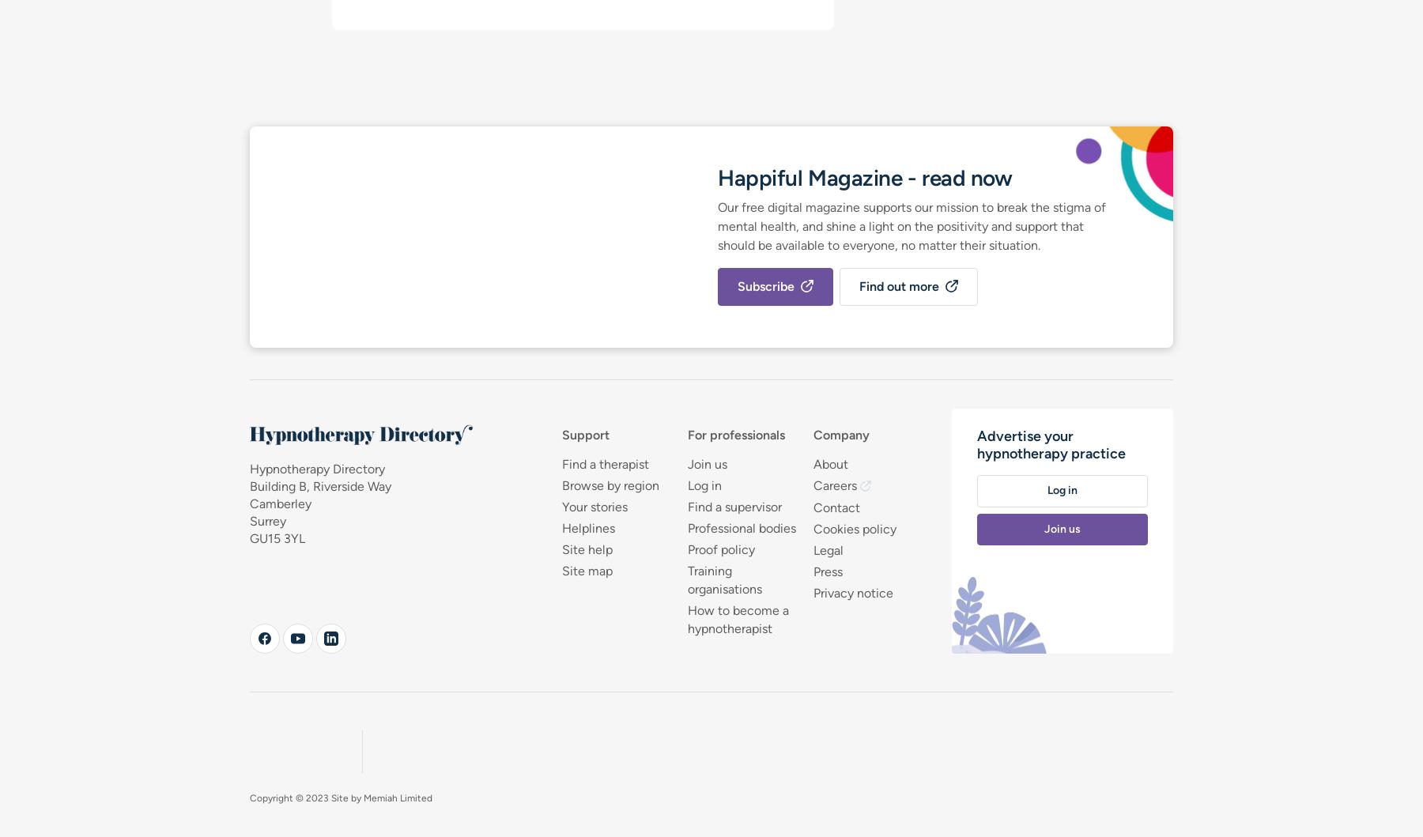  What do you see at coordinates (587, 527) in the screenshot?
I see `'Helplines'` at bounding box center [587, 527].